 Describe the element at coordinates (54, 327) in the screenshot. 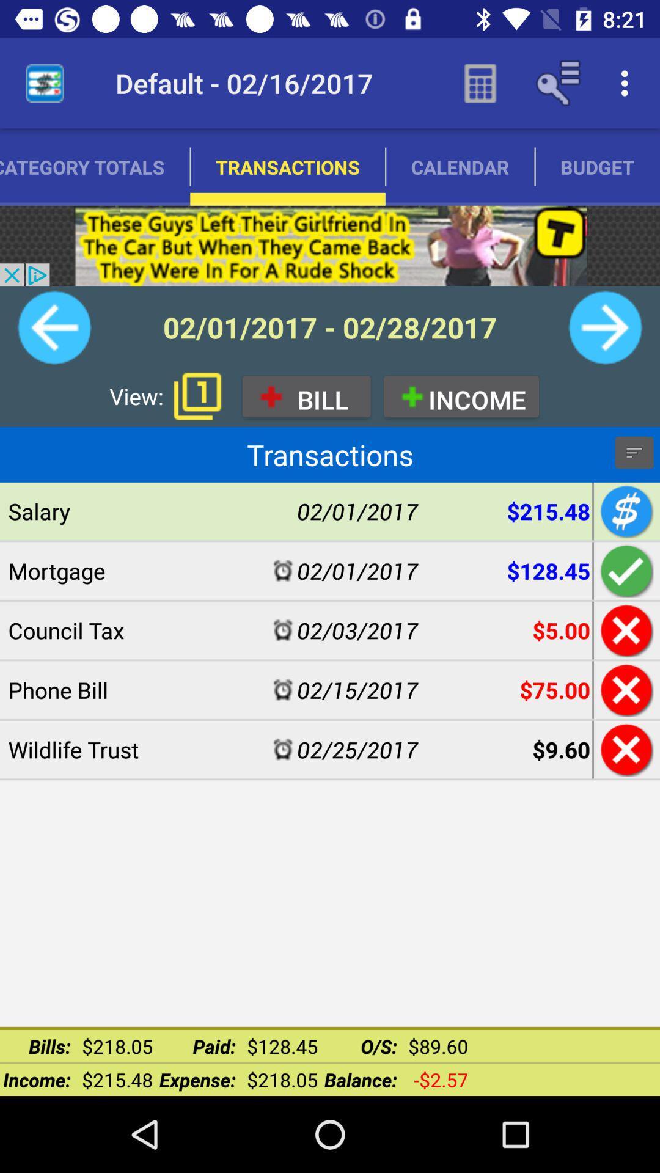

I see `the arrow_backward icon` at that location.